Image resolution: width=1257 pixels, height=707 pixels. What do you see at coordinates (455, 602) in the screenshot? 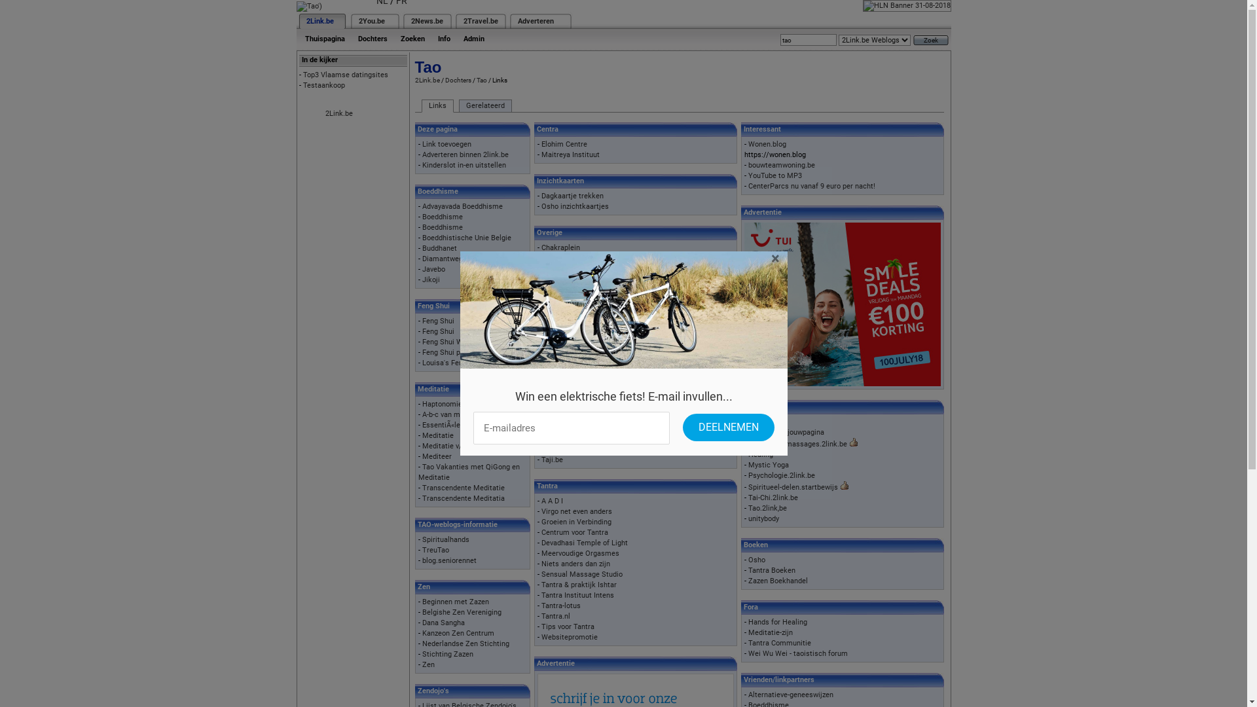
I see `'Beginnen met Zazen'` at bounding box center [455, 602].